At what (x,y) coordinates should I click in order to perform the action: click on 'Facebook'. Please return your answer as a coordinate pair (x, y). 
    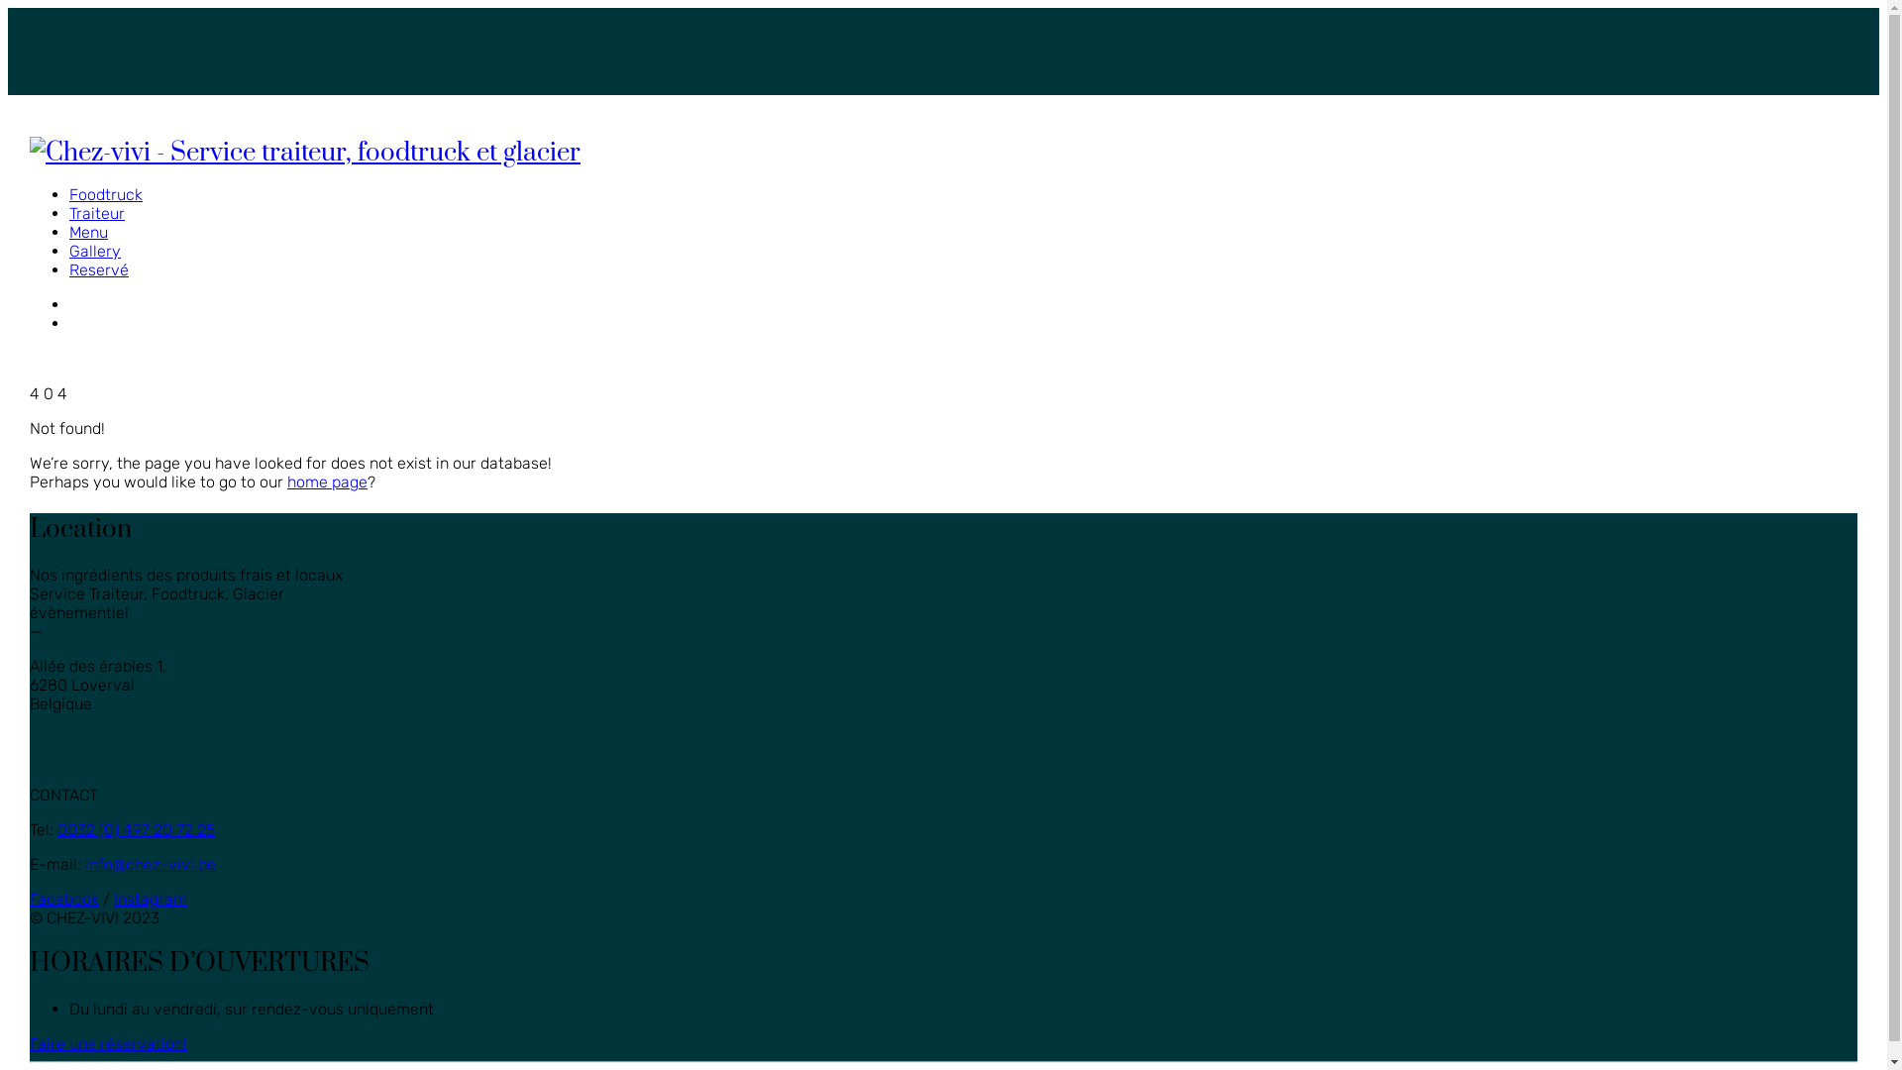
    Looking at the image, I should click on (64, 899).